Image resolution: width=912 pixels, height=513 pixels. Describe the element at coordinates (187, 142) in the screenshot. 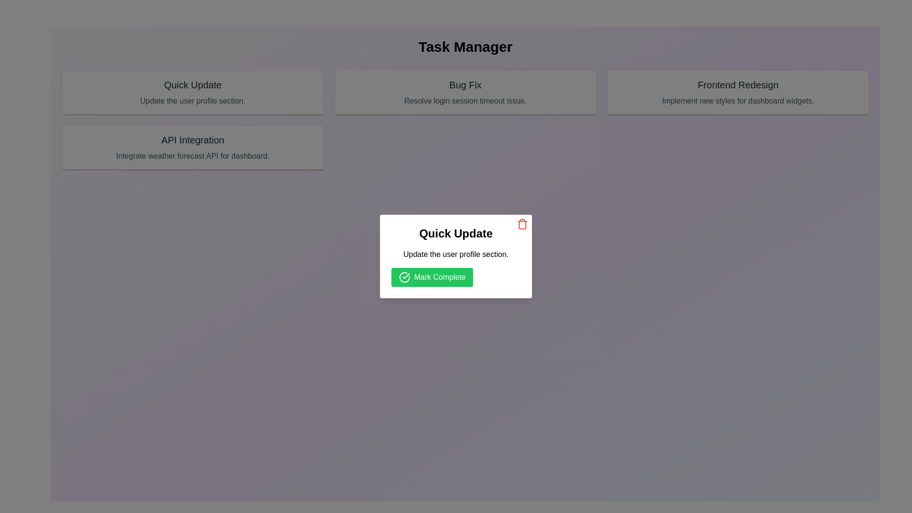

I see `the 'API Integration' card, which is a rectangular card with a solid light-gray background and features a bold header and descriptive text, located in the bottom-left position of the grid layout` at that location.